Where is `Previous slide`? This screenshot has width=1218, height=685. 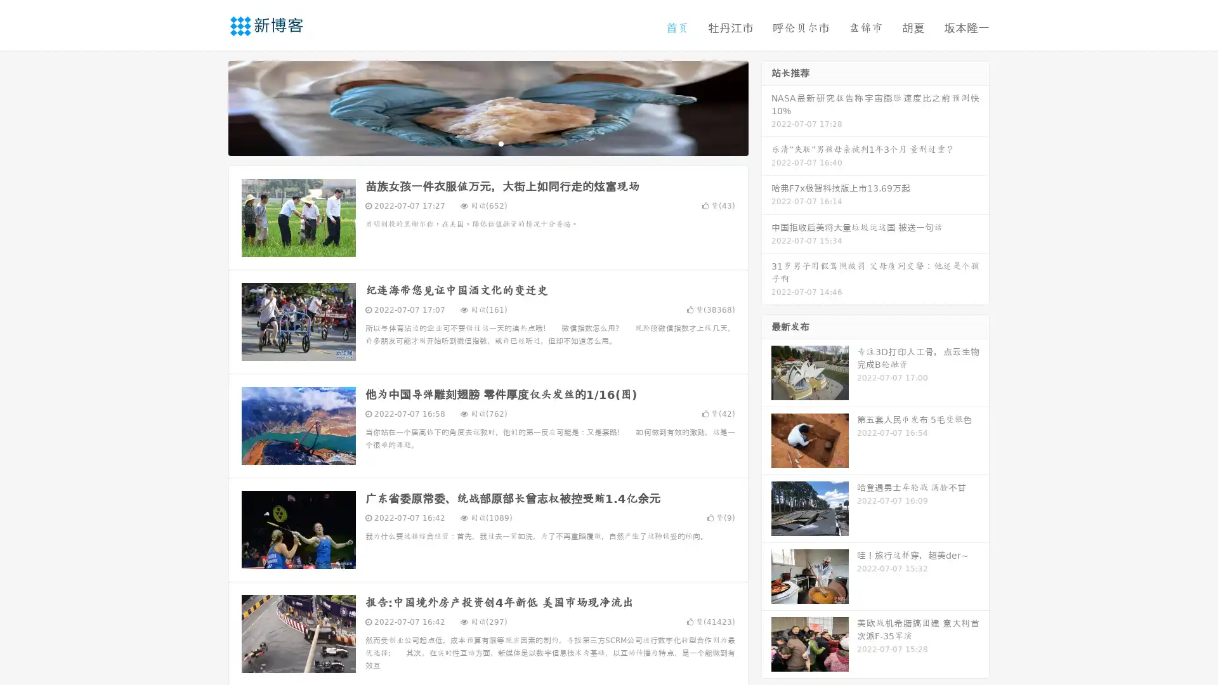
Previous slide is located at coordinates (209, 107).